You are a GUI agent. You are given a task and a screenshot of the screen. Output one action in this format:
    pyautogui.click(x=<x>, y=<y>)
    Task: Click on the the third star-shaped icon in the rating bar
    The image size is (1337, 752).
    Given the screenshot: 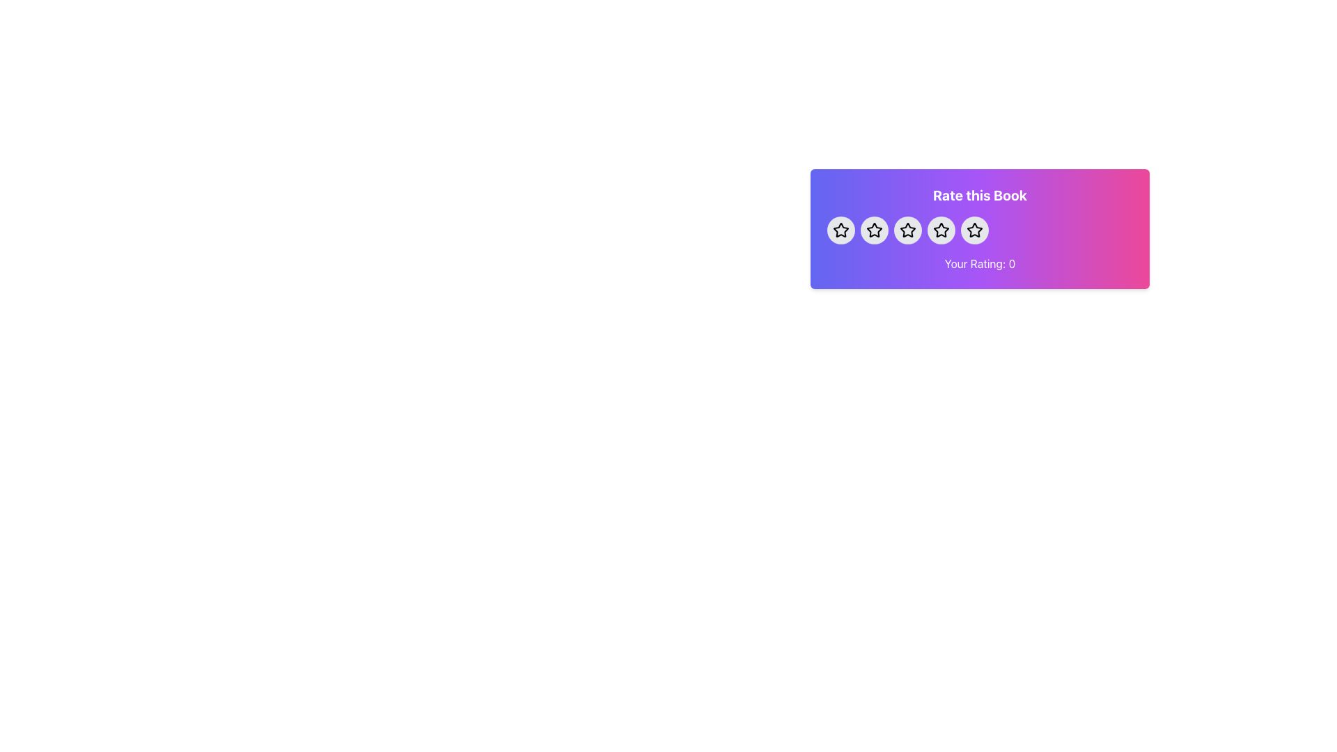 What is the action you would take?
    pyautogui.click(x=908, y=230)
    